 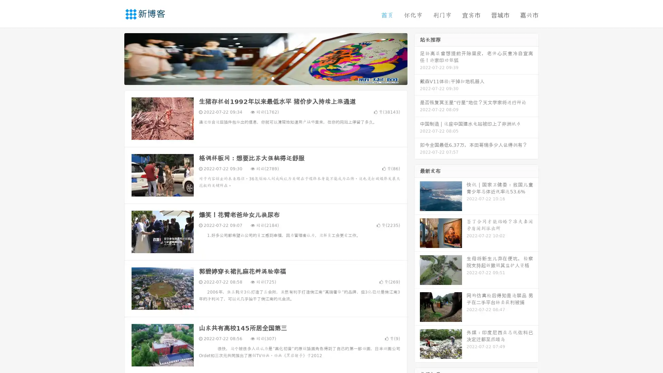 I want to click on Go to slide 2, so click(x=265, y=78).